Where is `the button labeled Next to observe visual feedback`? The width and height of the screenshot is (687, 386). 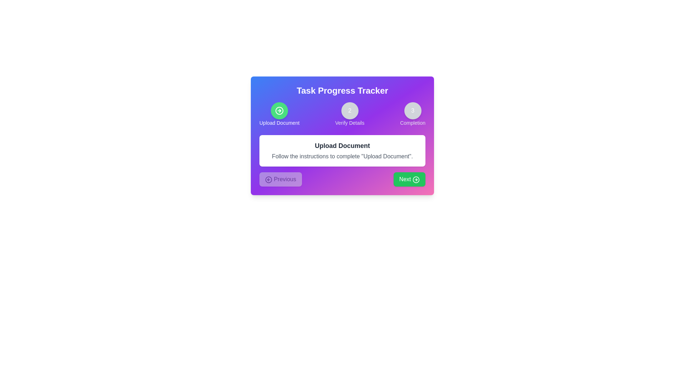
the button labeled Next to observe visual feedback is located at coordinates (409, 179).